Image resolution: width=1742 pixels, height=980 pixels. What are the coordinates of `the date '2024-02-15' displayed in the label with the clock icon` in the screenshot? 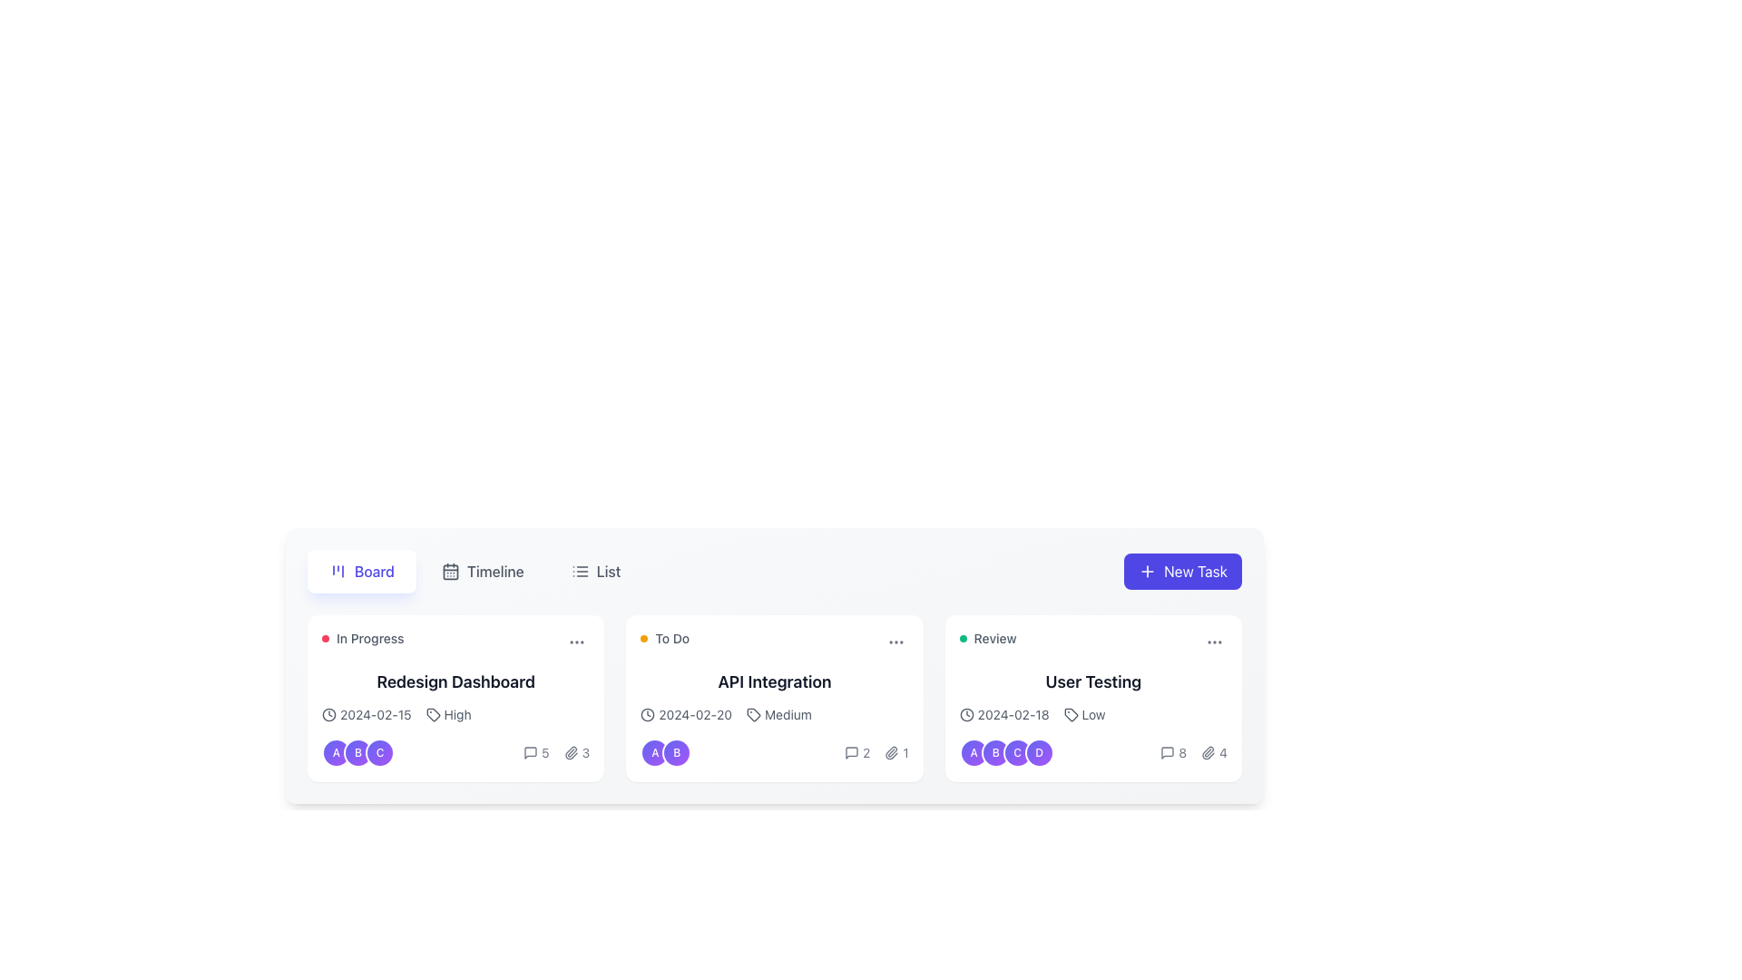 It's located at (366, 713).